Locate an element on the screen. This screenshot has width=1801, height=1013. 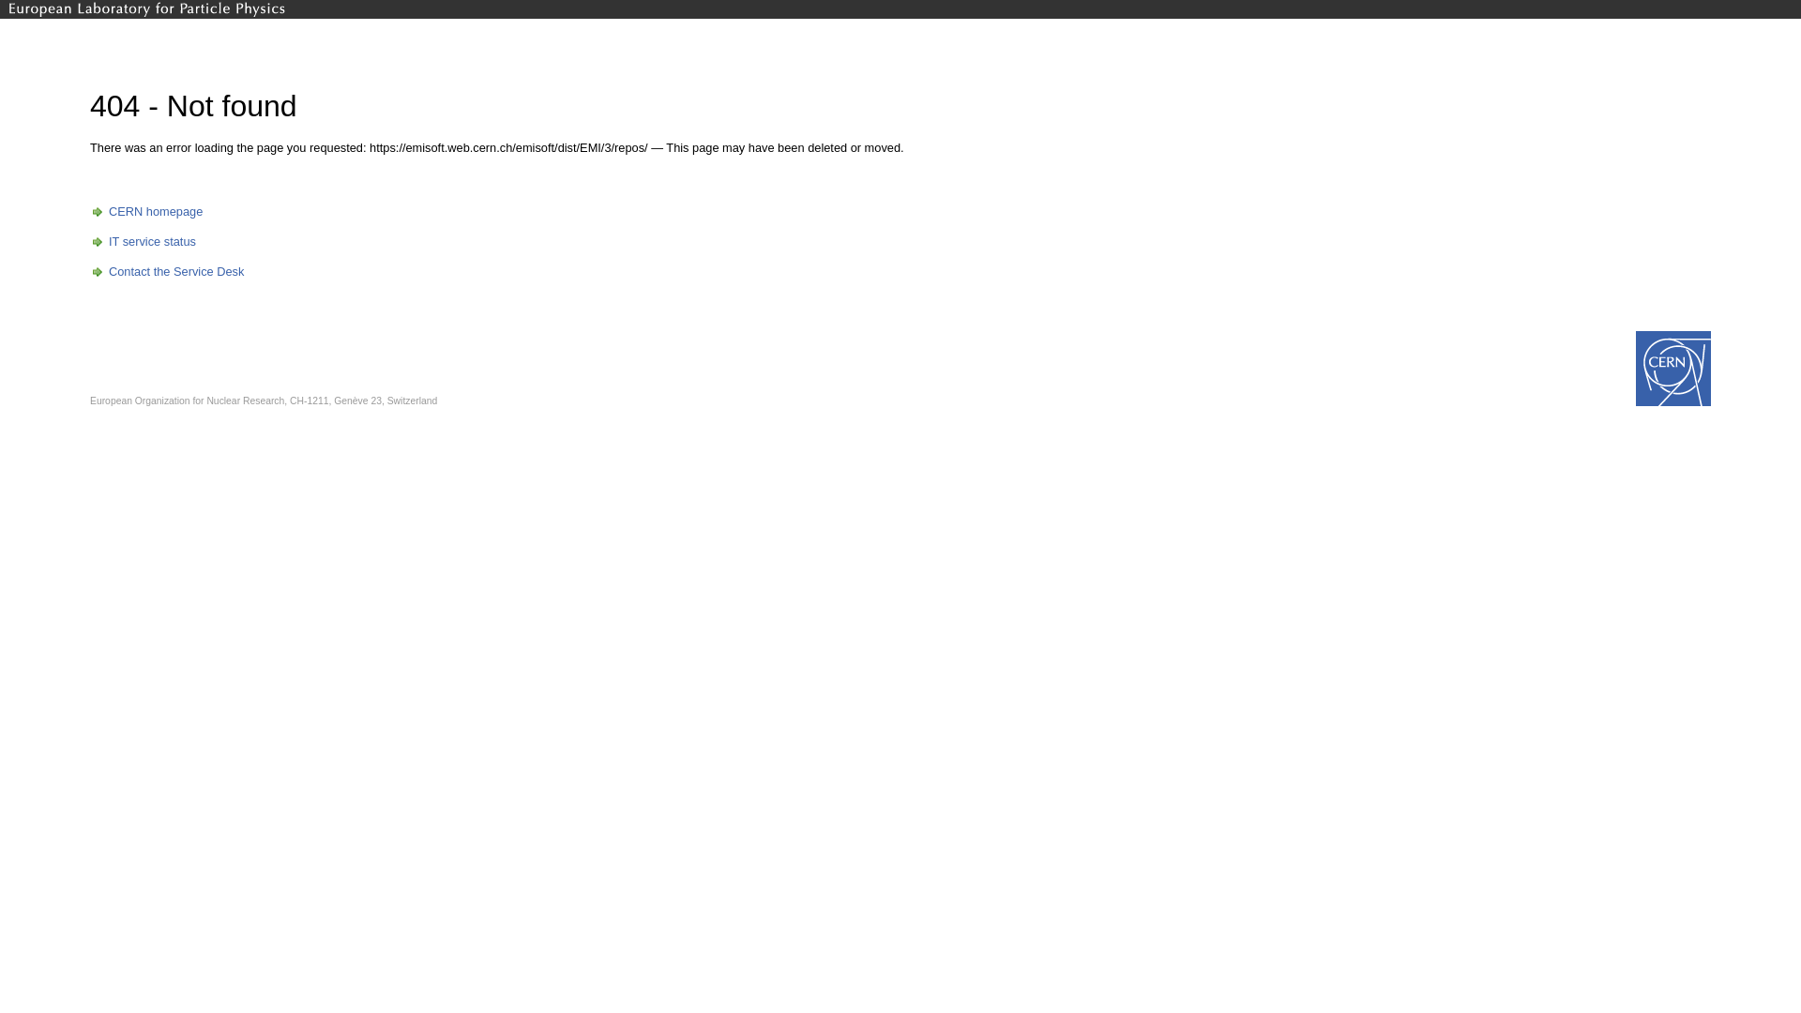
'CERN homepage' is located at coordinates (145, 211).